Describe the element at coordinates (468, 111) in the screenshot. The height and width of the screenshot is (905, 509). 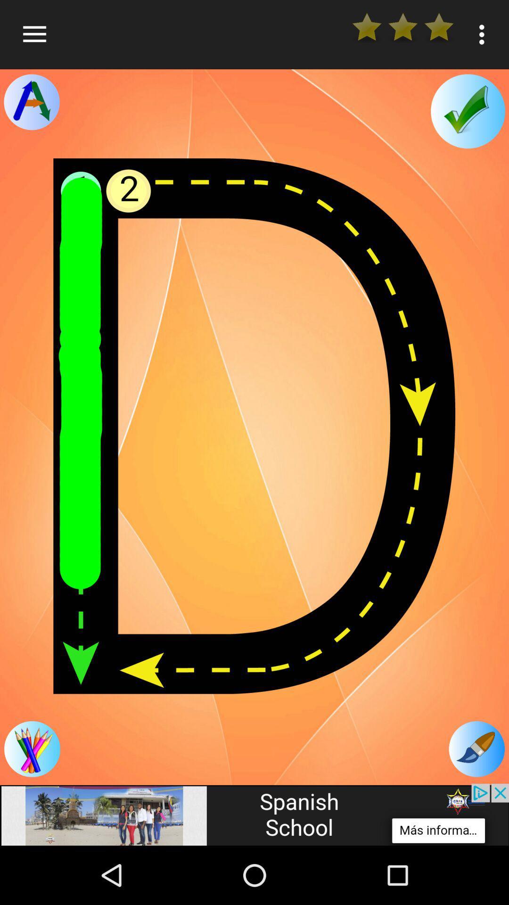
I see `correct` at that location.